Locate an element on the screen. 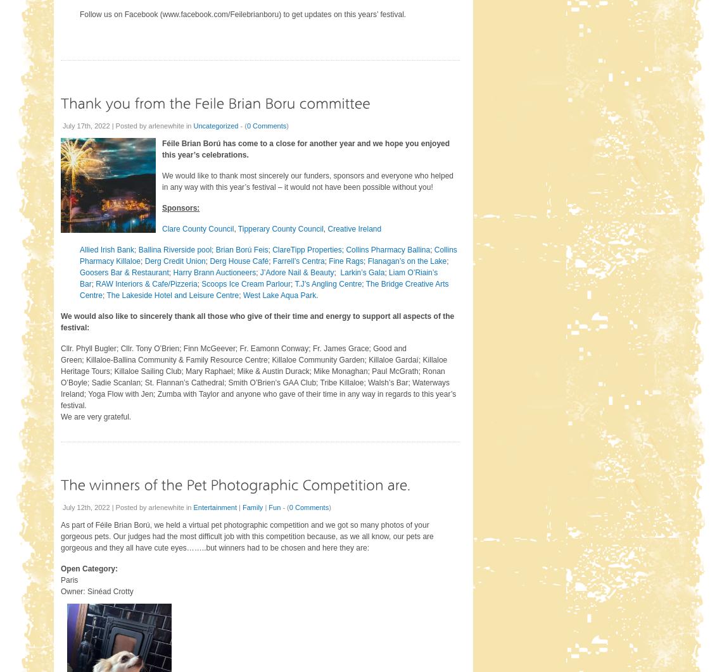  'Goosers Bar & Restaurant' is located at coordinates (123, 271).